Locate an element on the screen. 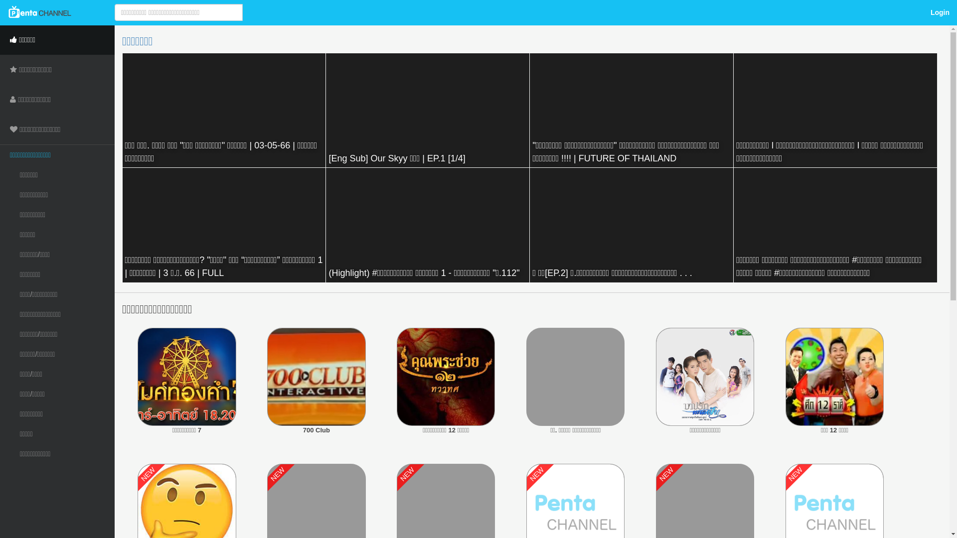  'Login' is located at coordinates (940, 12).